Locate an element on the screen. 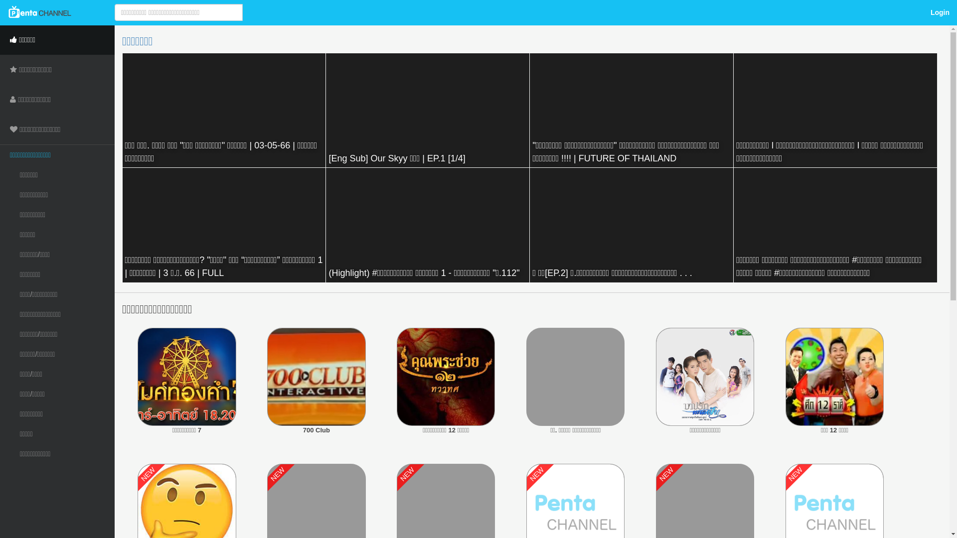  'Login' is located at coordinates (940, 12).